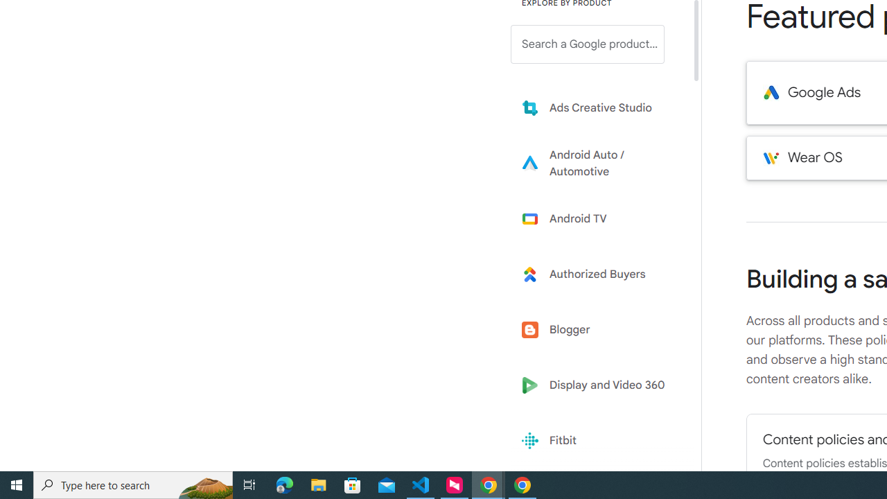  I want to click on 'Learn more about Android TV', so click(597, 218).